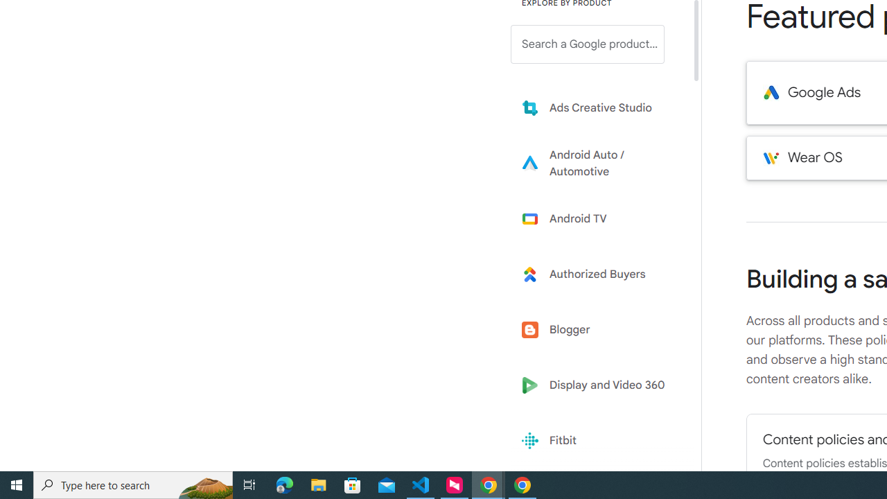  I want to click on 'Learn more about Android TV', so click(597, 218).